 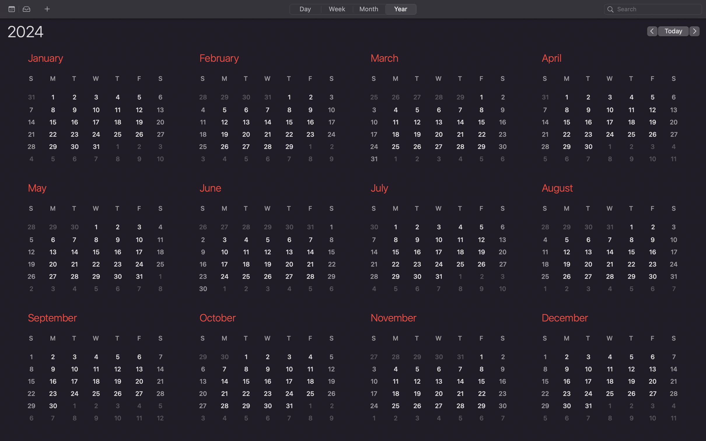 I want to click on View the activities for 13th March, so click(x=440, y=122).